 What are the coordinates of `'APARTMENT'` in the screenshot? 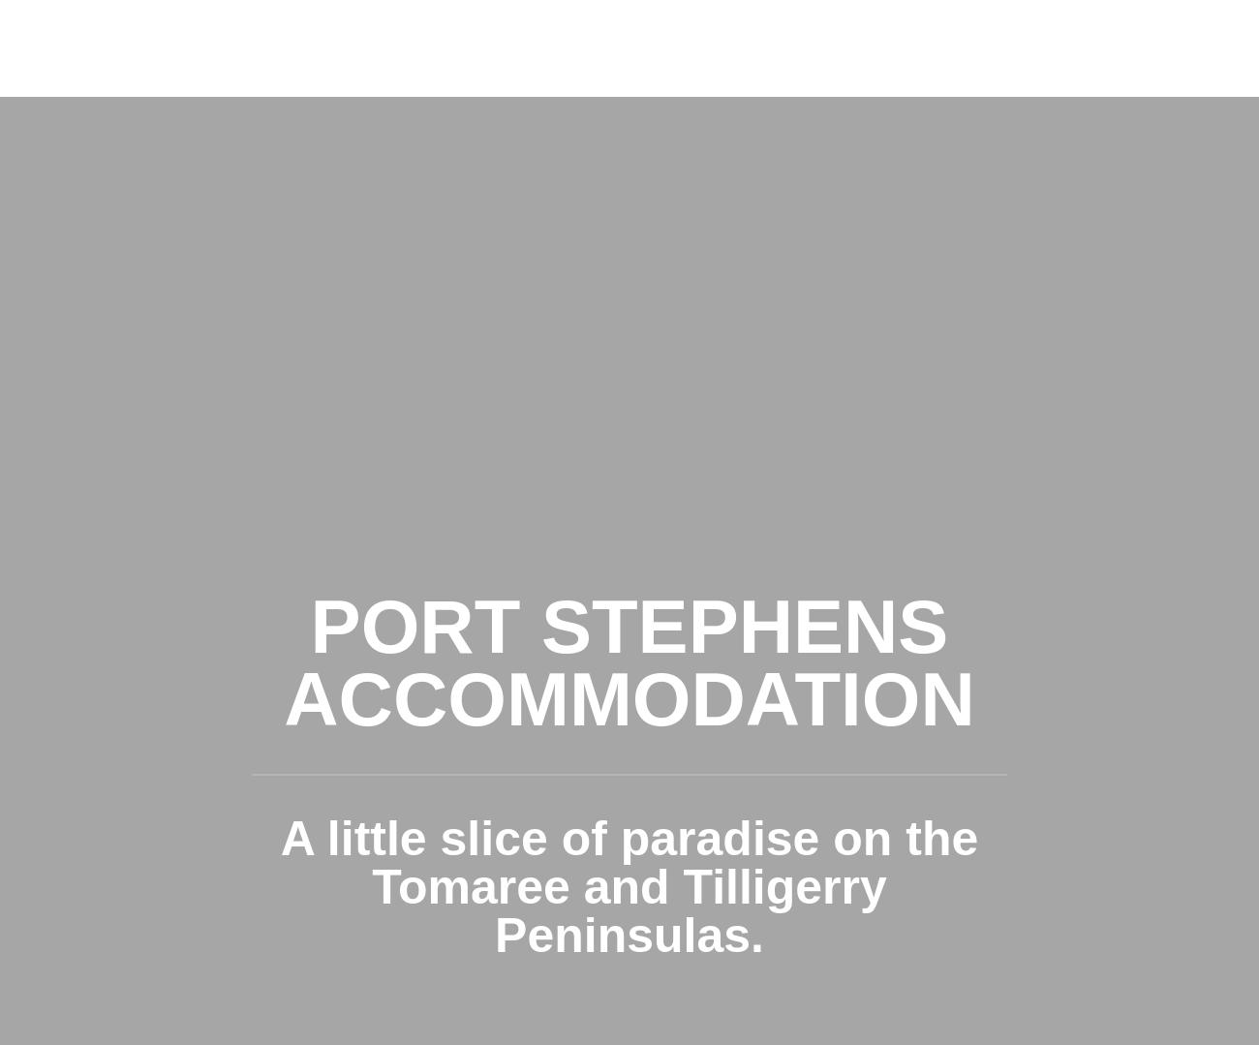 It's located at (1168, 333).